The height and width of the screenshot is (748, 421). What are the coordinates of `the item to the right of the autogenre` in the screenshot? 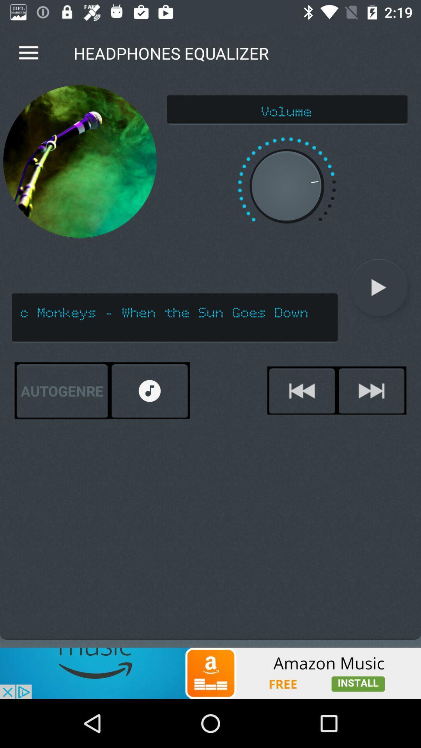 It's located at (150, 391).